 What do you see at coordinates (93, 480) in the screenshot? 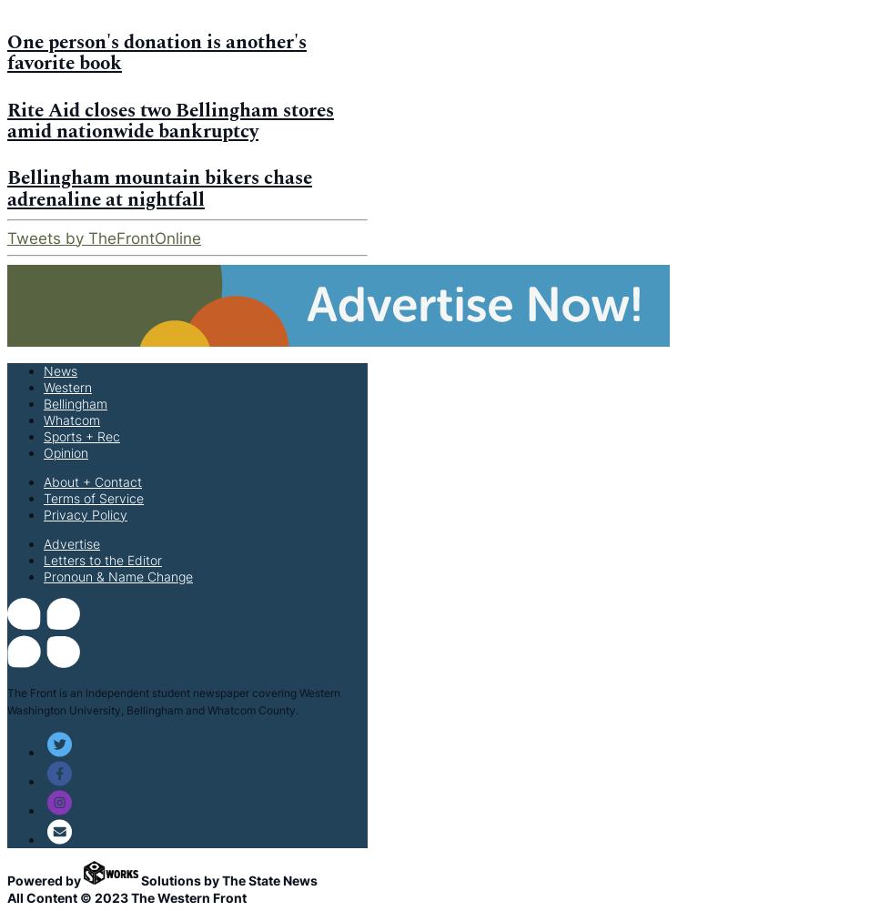
I see `'About + Contact'` at bounding box center [93, 480].